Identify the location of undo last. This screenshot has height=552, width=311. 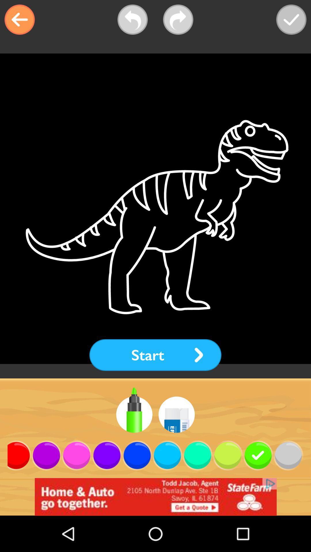
(132, 20).